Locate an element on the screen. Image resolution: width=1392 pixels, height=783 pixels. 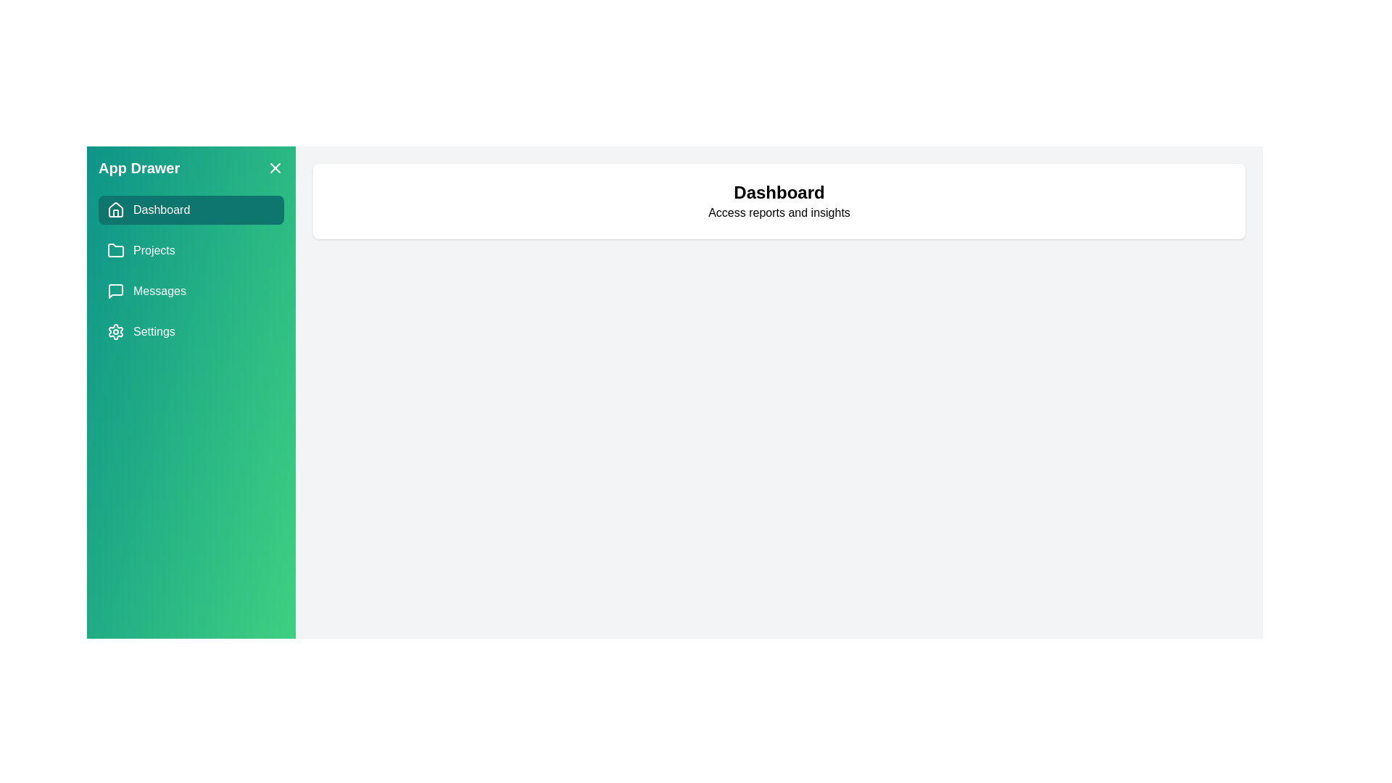
the menu item Dashboard from the drawer is located at coordinates (191, 210).